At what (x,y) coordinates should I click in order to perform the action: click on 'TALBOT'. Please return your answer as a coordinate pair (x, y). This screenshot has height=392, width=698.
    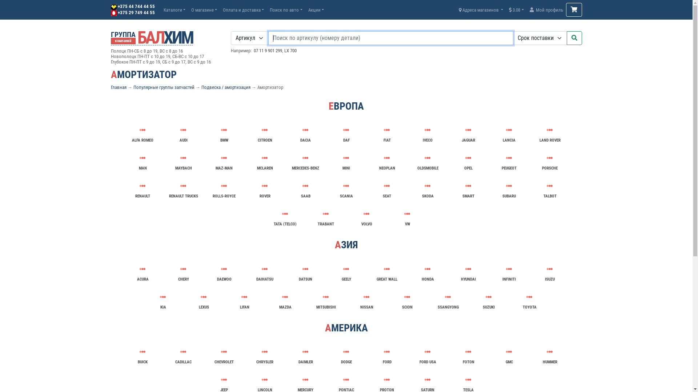
    Looking at the image, I should click on (550, 188).